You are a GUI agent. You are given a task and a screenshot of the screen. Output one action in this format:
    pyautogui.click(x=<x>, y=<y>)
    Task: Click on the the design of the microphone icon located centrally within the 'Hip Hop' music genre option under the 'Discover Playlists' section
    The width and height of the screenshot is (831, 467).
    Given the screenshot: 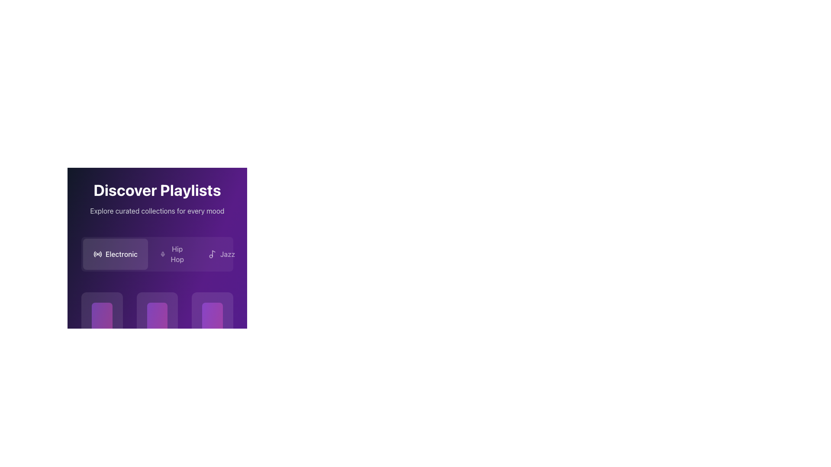 What is the action you would take?
    pyautogui.click(x=163, y=253)
    